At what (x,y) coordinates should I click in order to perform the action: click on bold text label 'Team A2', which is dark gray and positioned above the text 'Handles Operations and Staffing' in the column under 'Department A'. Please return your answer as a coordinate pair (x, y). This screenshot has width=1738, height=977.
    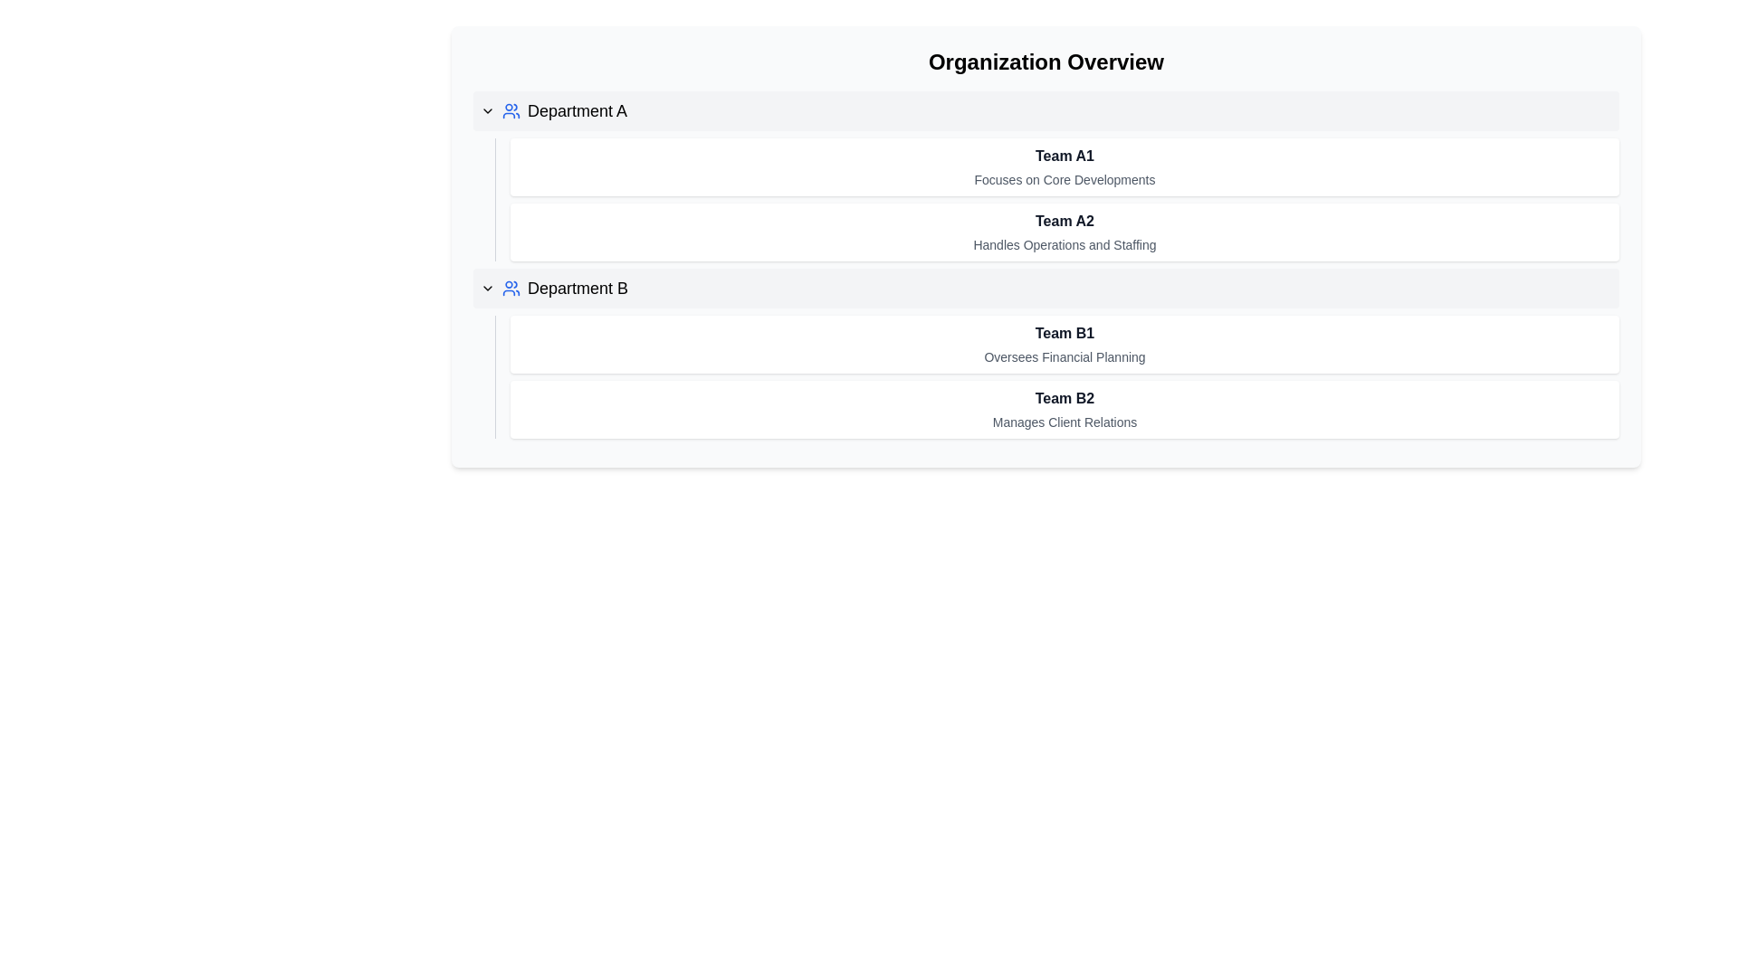
    Looking at the image, I should click on (1065, 221).